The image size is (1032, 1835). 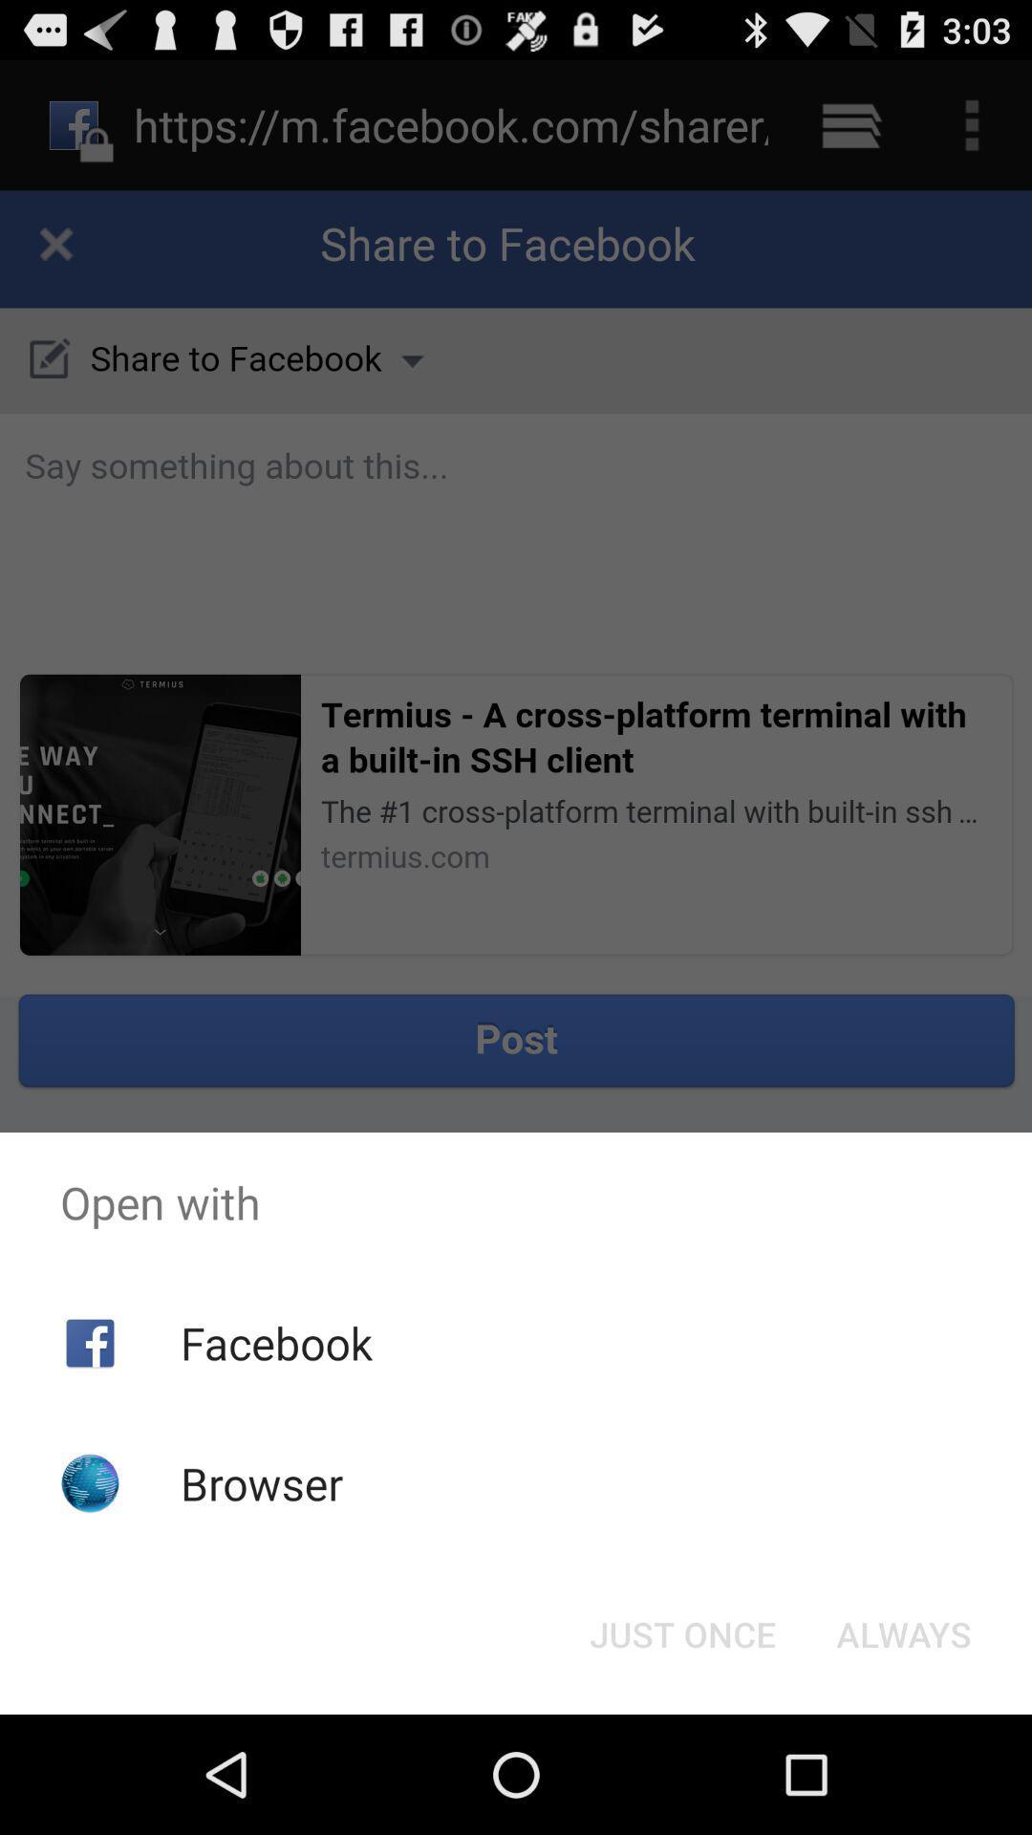 I want to click on the button next to just once button, so click(x=903, y=1632).